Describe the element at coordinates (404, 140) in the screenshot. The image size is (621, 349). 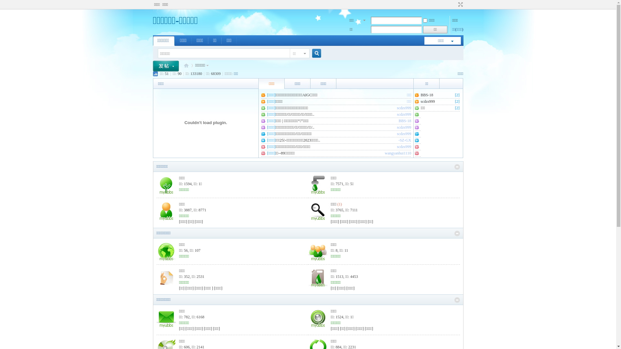
I see `'-SZ-GX'` at that location.